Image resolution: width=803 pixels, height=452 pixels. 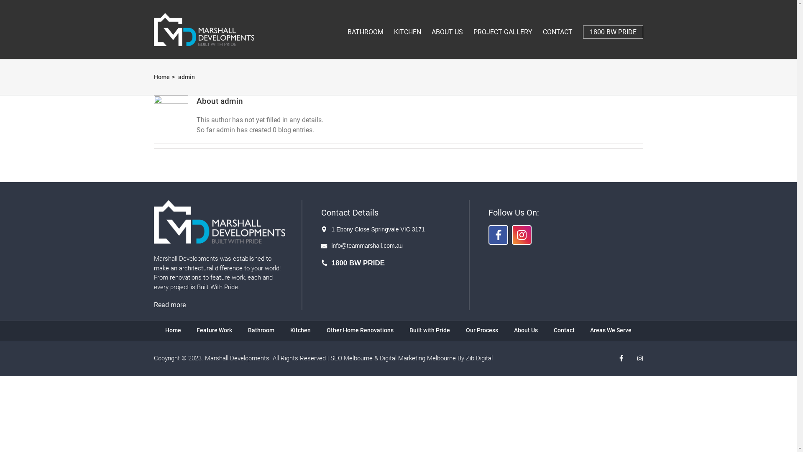 I want to click on 'PROJECT GALLERY', so click(x=502, y=27).